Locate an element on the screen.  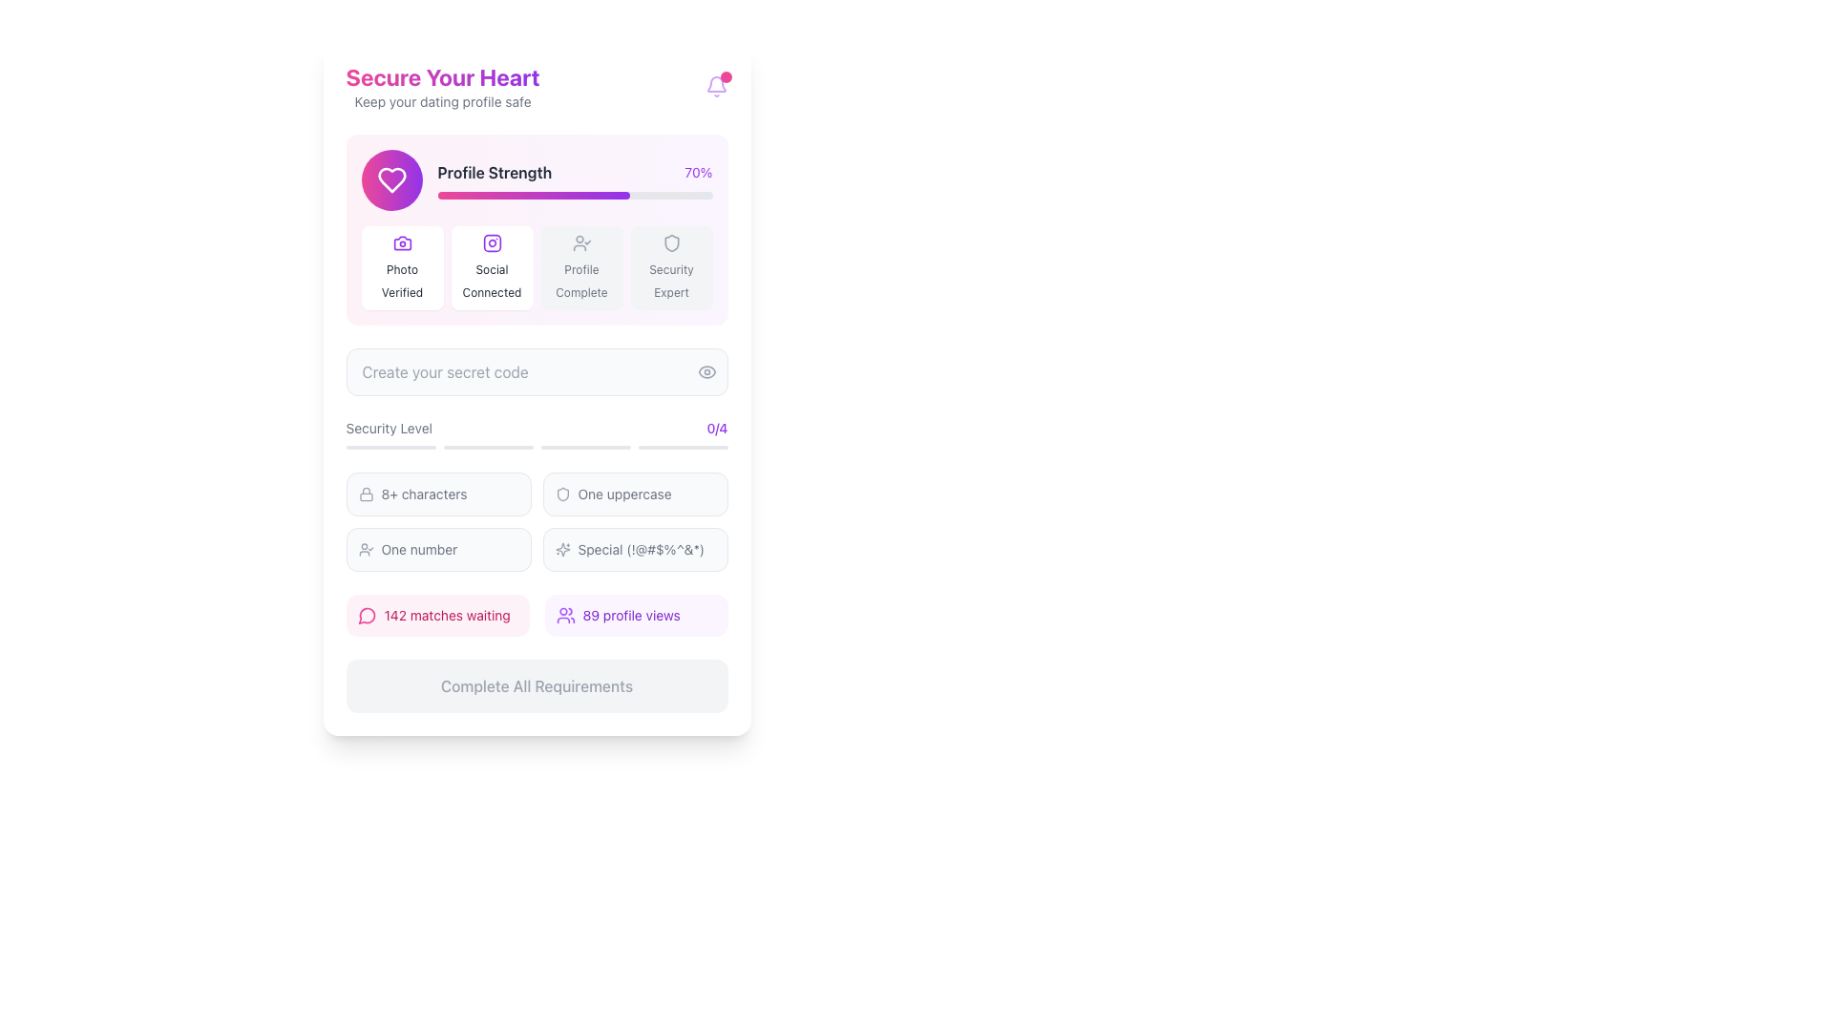
the security icon located in the 'Security Expert' section, positioned at the rightmost end of the profile strength features row under the 'Profile Strength' header is located at coordinates (671, 242).